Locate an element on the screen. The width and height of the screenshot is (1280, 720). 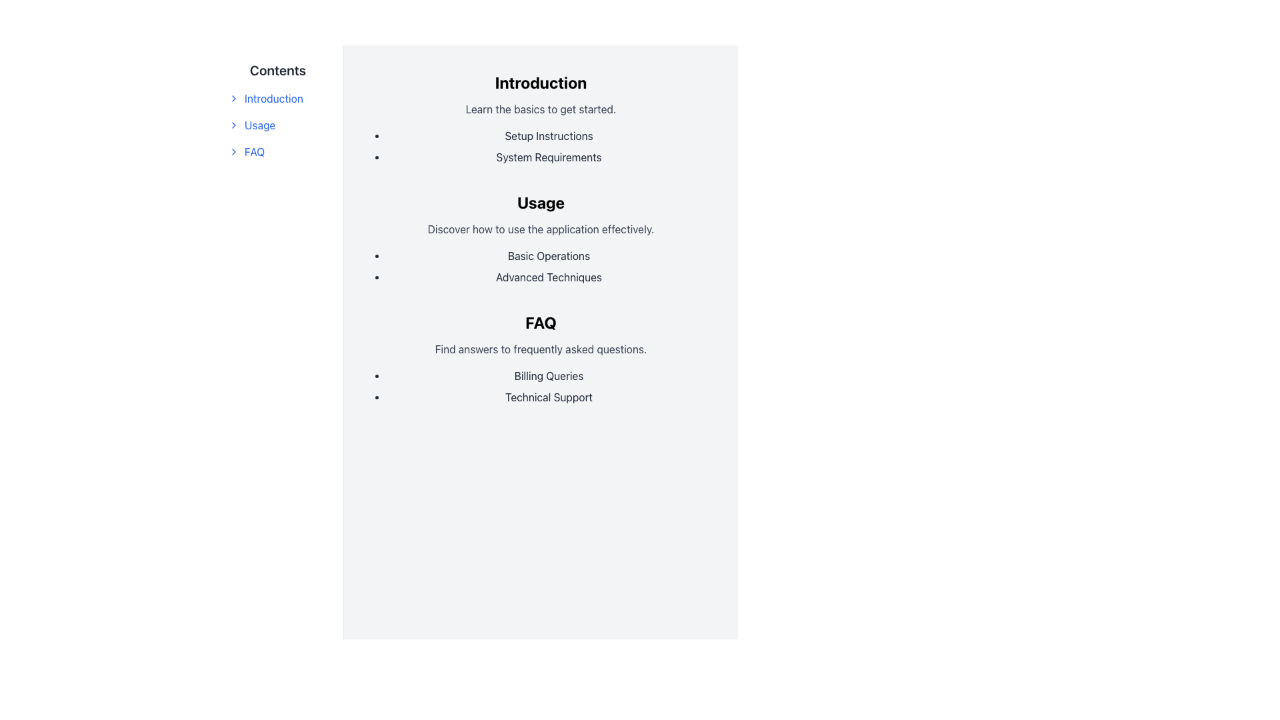
the right-facing chevron icon next to the word 'Introduction' in the navigation list is located at coordinates (233, 97).